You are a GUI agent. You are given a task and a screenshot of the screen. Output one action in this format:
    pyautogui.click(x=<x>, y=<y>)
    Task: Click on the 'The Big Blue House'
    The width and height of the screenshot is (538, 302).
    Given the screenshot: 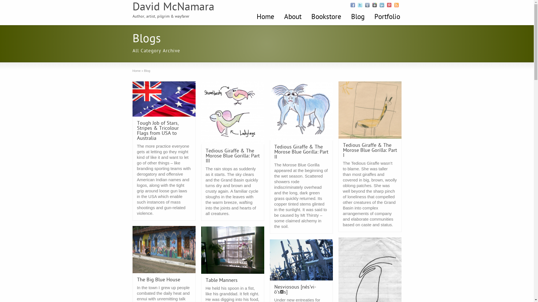 What is the action you would take?
    pyautogui.click(x=158, y=280)
    